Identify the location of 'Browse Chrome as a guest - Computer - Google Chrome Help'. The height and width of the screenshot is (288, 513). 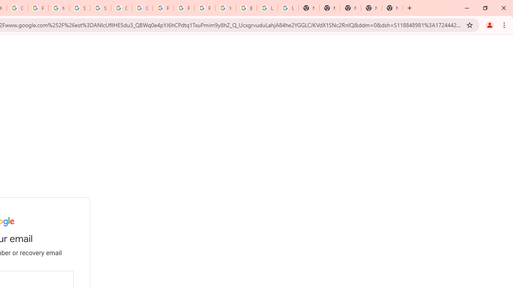
(246, 8).